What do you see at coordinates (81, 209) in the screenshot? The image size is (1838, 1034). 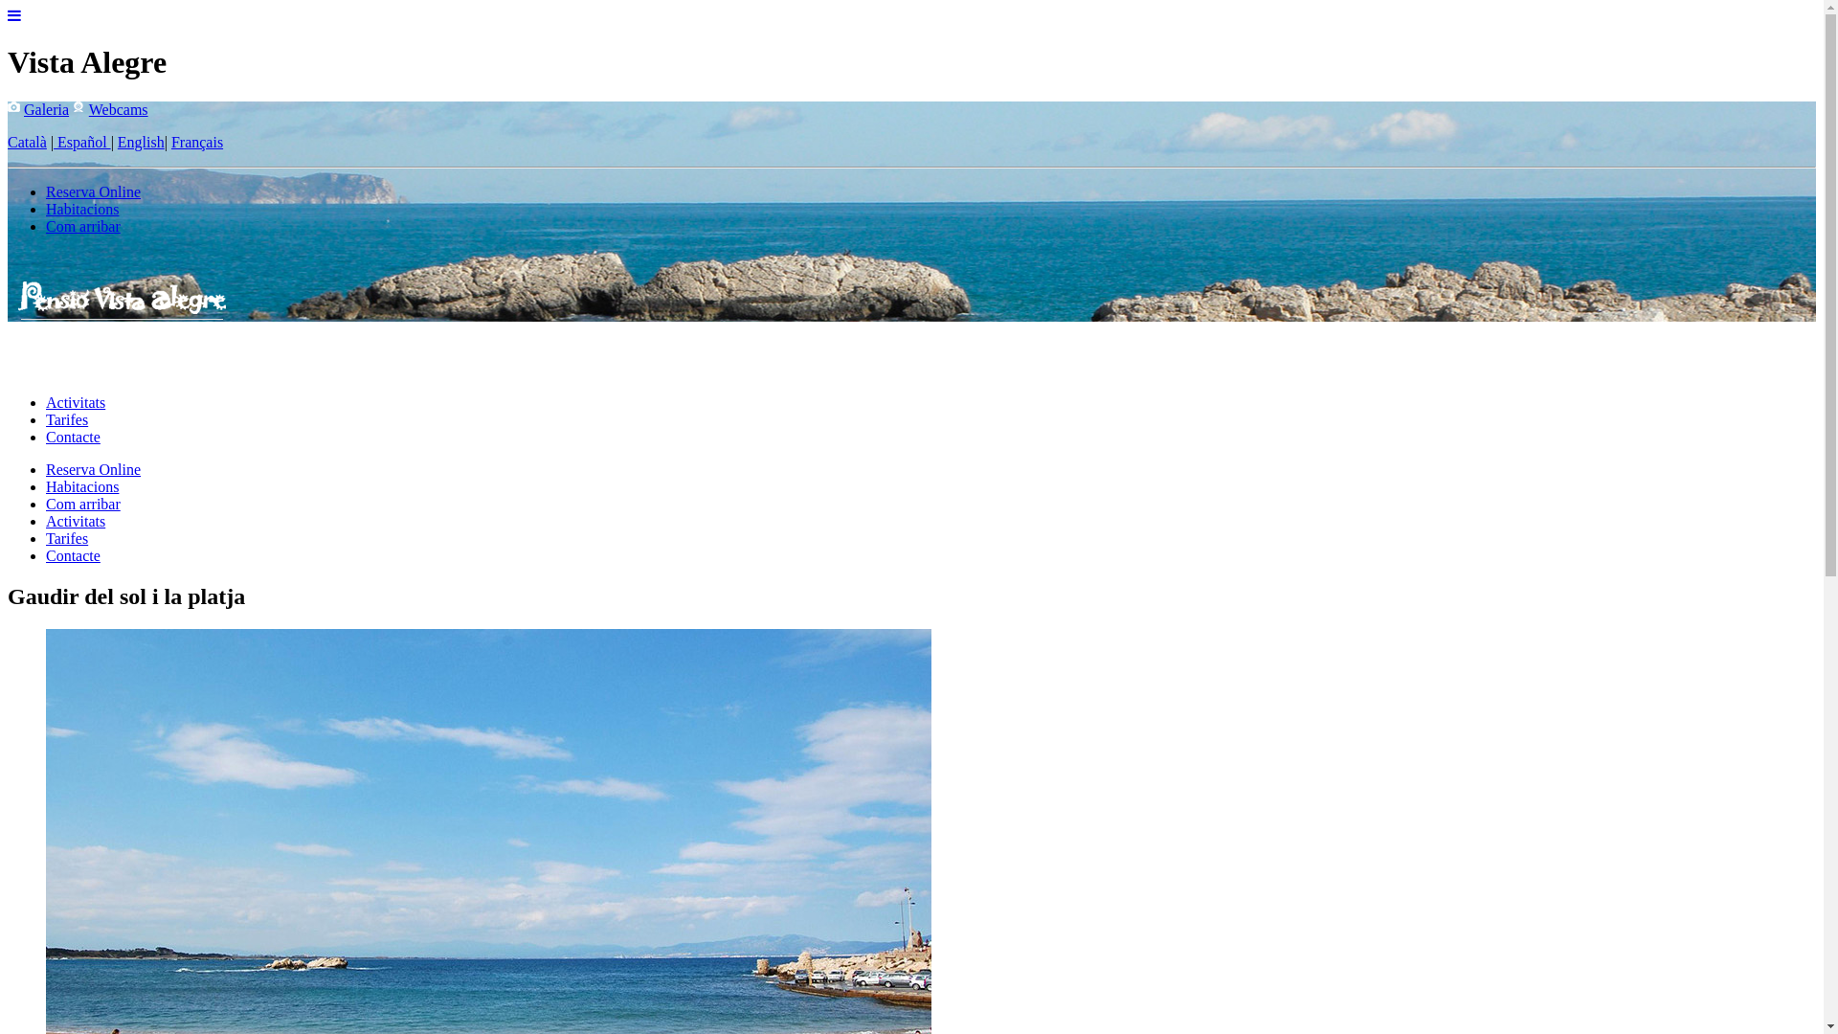 I see `'Habitacions'` at bounding box center [81, 209].